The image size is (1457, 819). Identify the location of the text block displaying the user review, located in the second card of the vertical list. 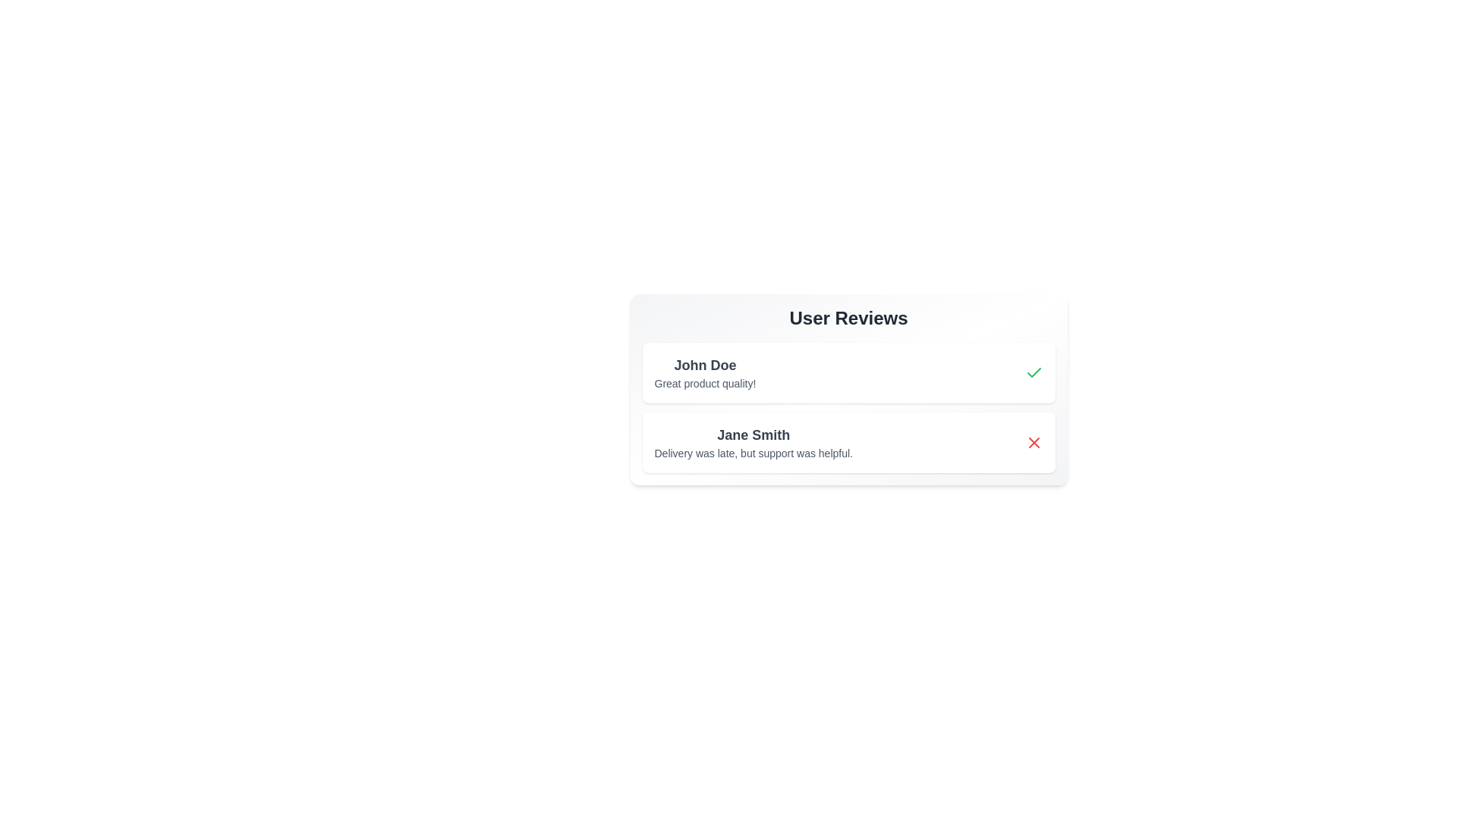
(754, 442).